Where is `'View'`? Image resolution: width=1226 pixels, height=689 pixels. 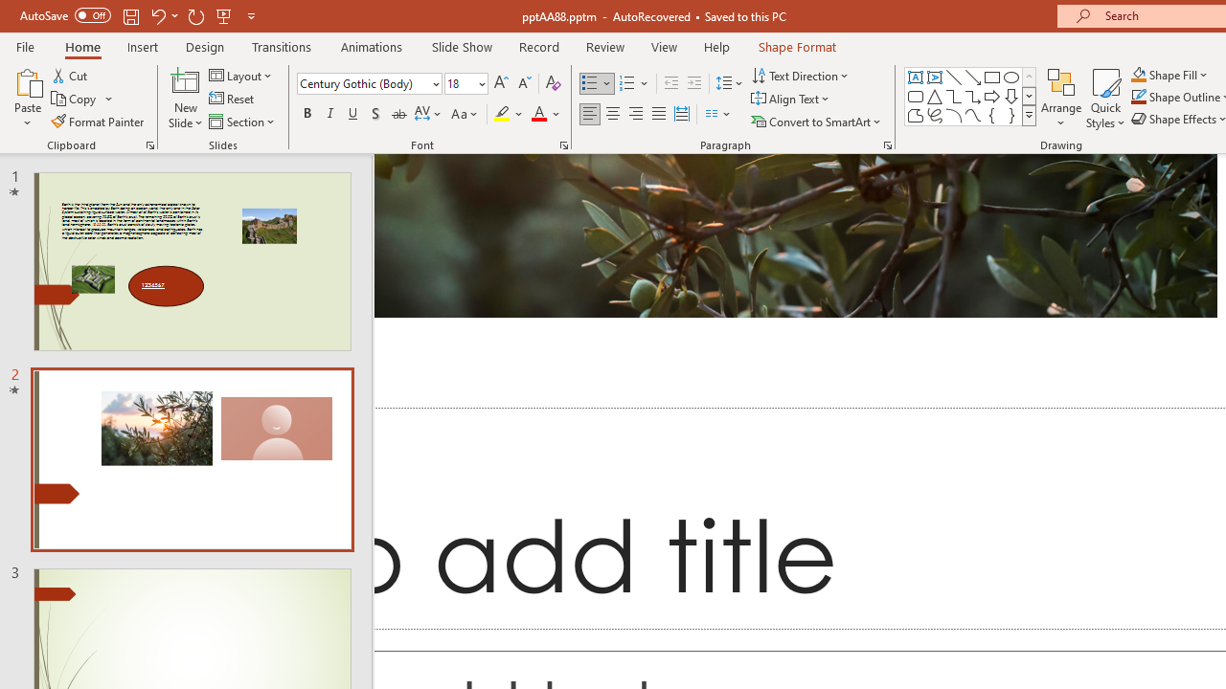 'View' is located at coordinates (664, 46).